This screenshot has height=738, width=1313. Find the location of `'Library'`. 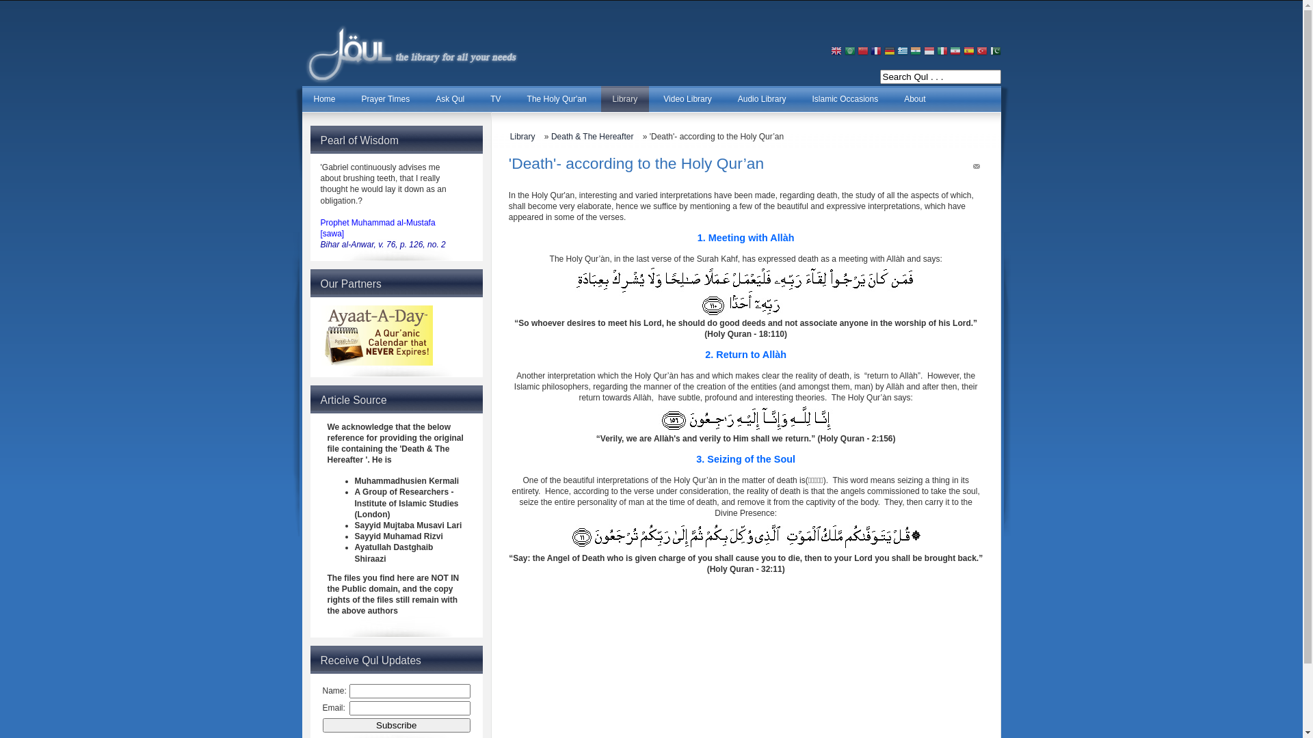

'Library' is located at coordinates (624, 98).